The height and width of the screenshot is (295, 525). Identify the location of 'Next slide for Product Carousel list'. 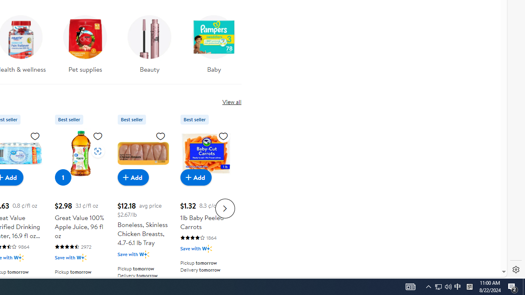
(225, 208).